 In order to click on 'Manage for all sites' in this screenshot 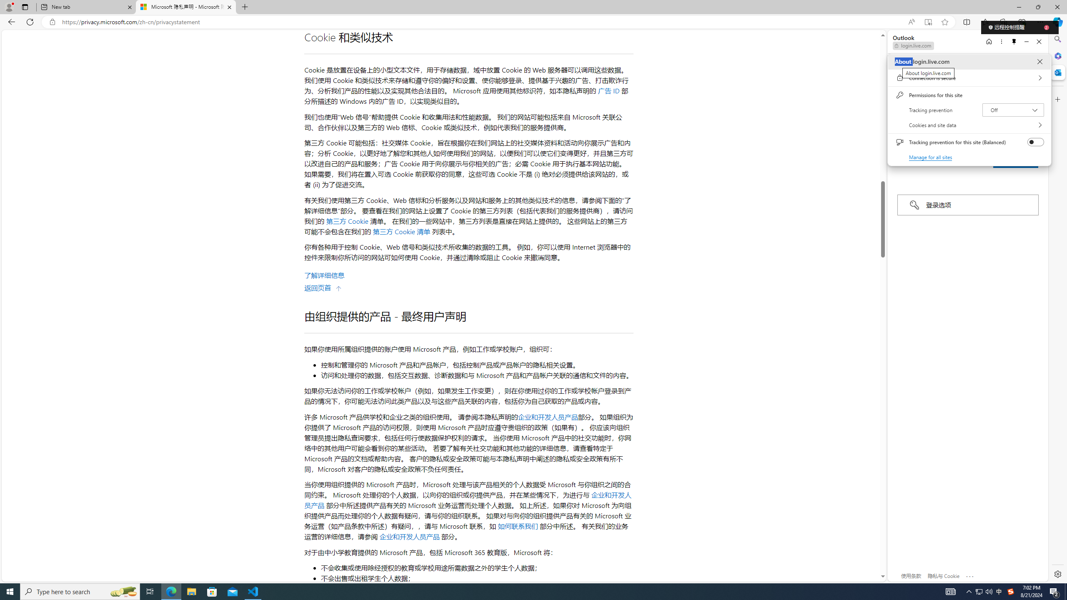, I will do `click(931, 157)`.